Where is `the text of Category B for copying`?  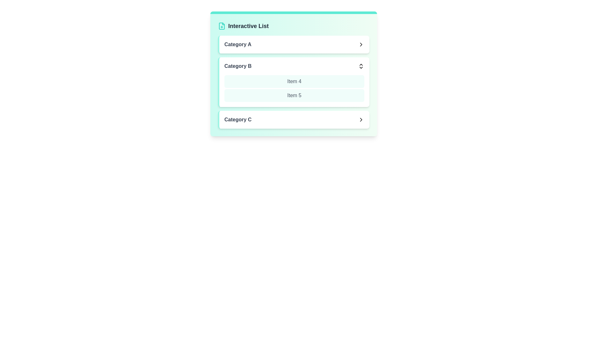 the text of Category B for copying is located at coordinates (237, 66).